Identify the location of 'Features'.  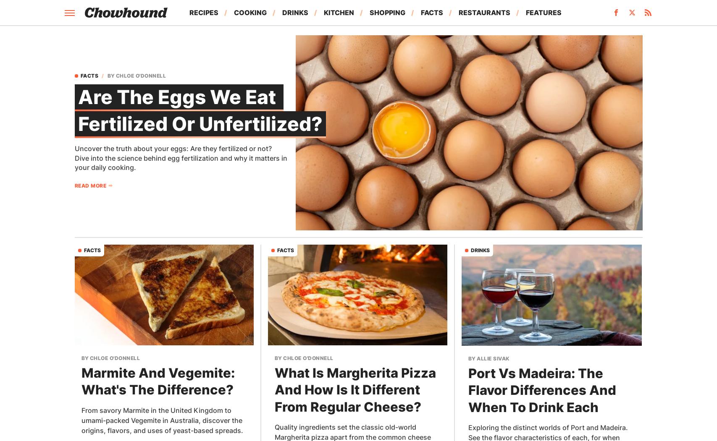
(543, 12).